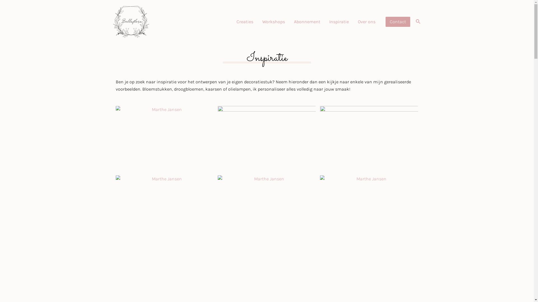 This screenshot has width=538, height=302. I want to click on 'Inspiratie', so click(338, 21).